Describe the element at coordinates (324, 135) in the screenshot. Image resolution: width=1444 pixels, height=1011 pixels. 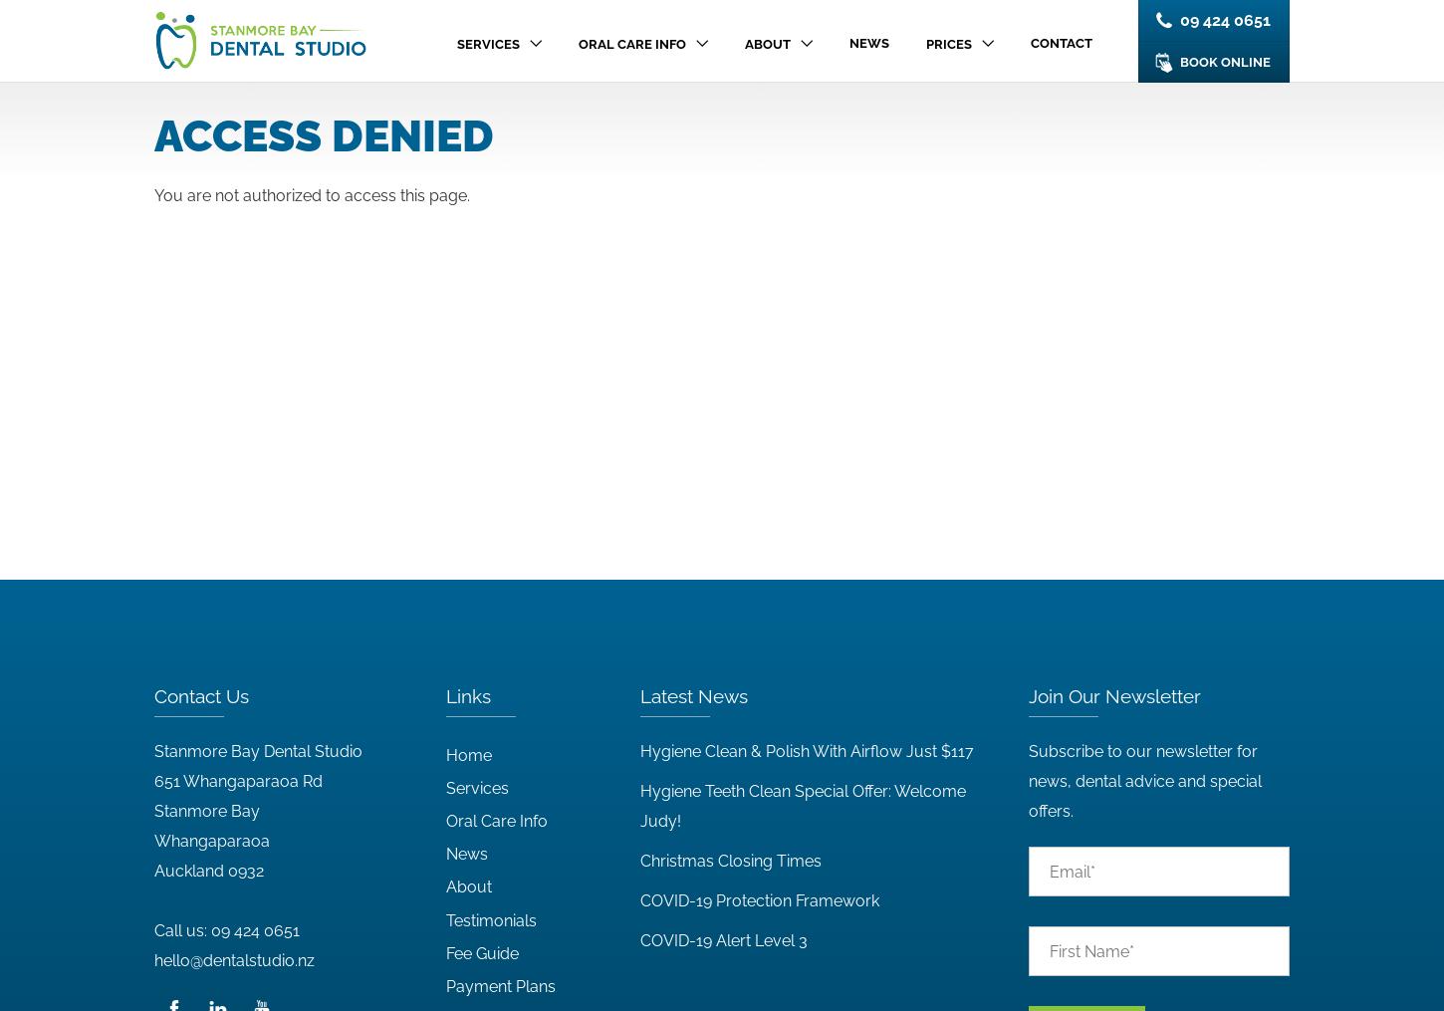
I see `'Access denied'` at that location.